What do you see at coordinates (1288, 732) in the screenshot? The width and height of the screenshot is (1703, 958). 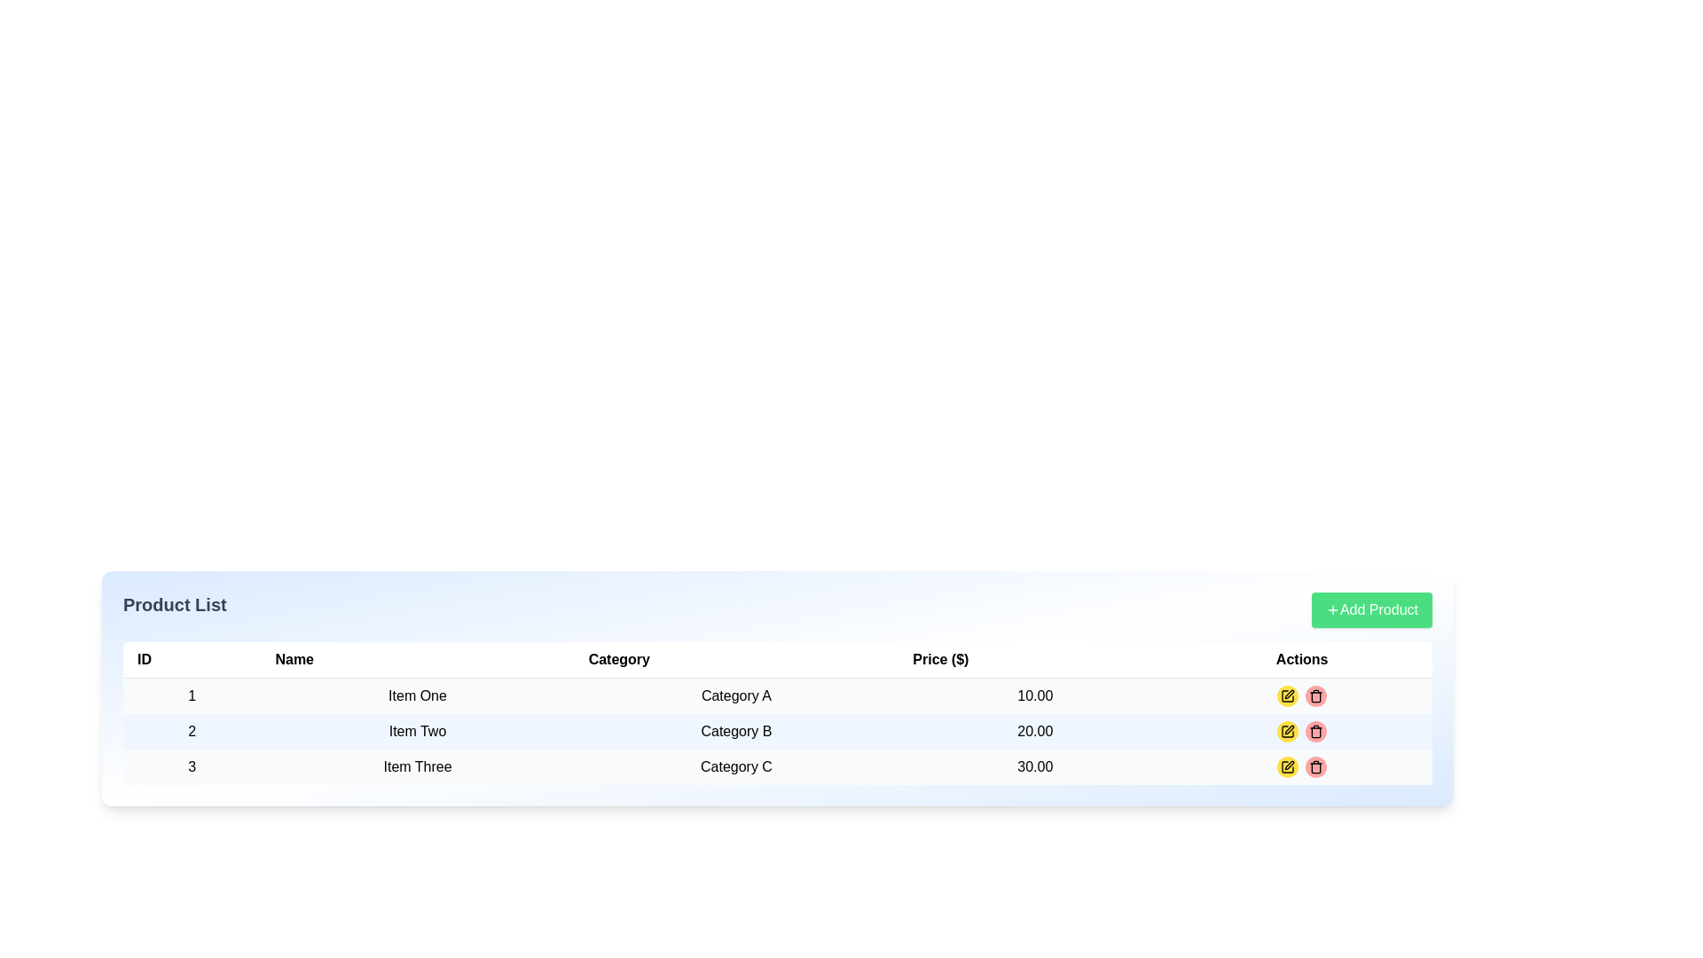 I see `the edit icon resembling a square with a pen` at bounding box center [1288, 732].